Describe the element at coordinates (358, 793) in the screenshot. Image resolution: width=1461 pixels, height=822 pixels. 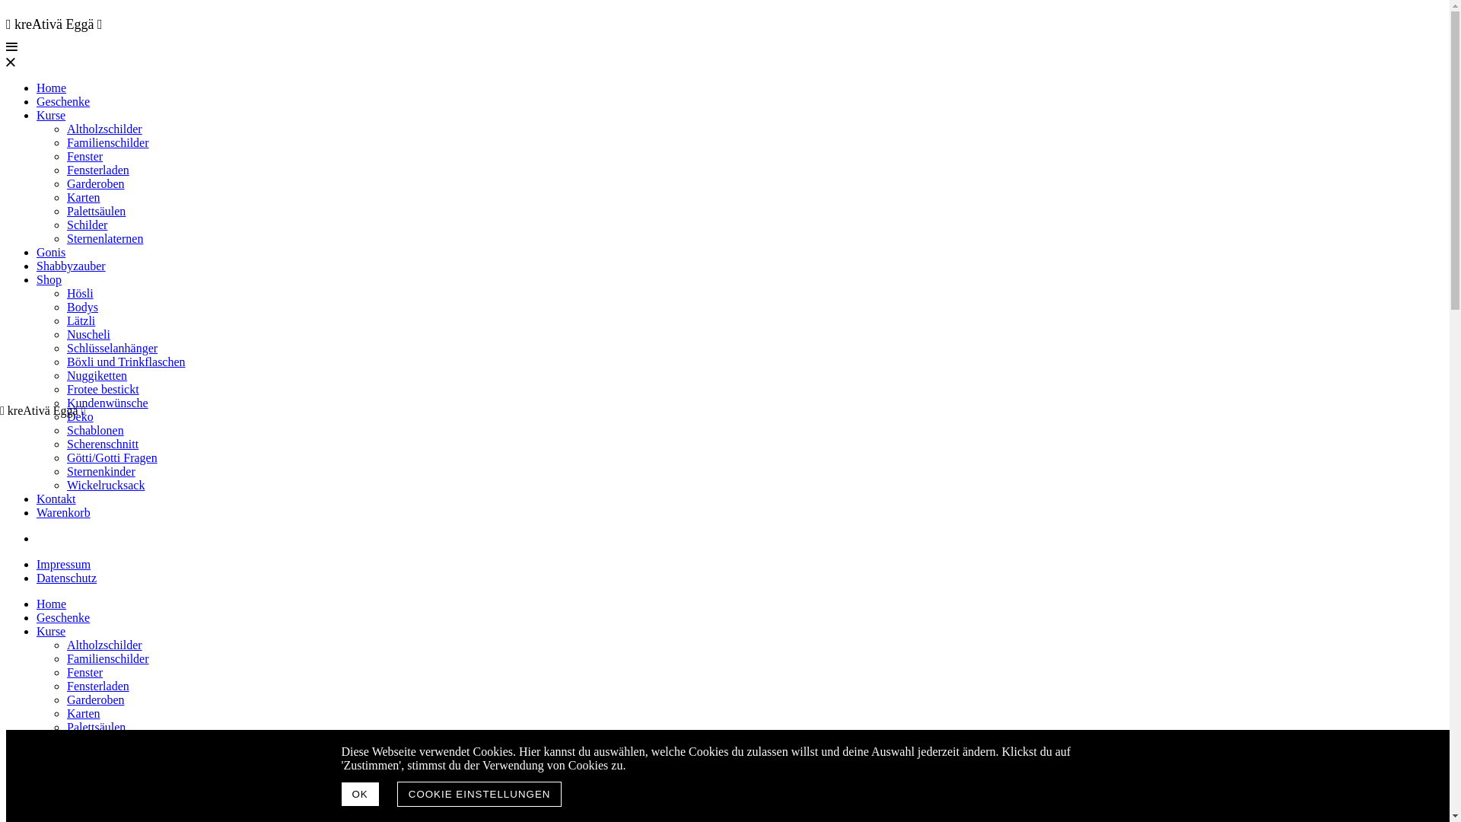
I see `'OK'` at that location.